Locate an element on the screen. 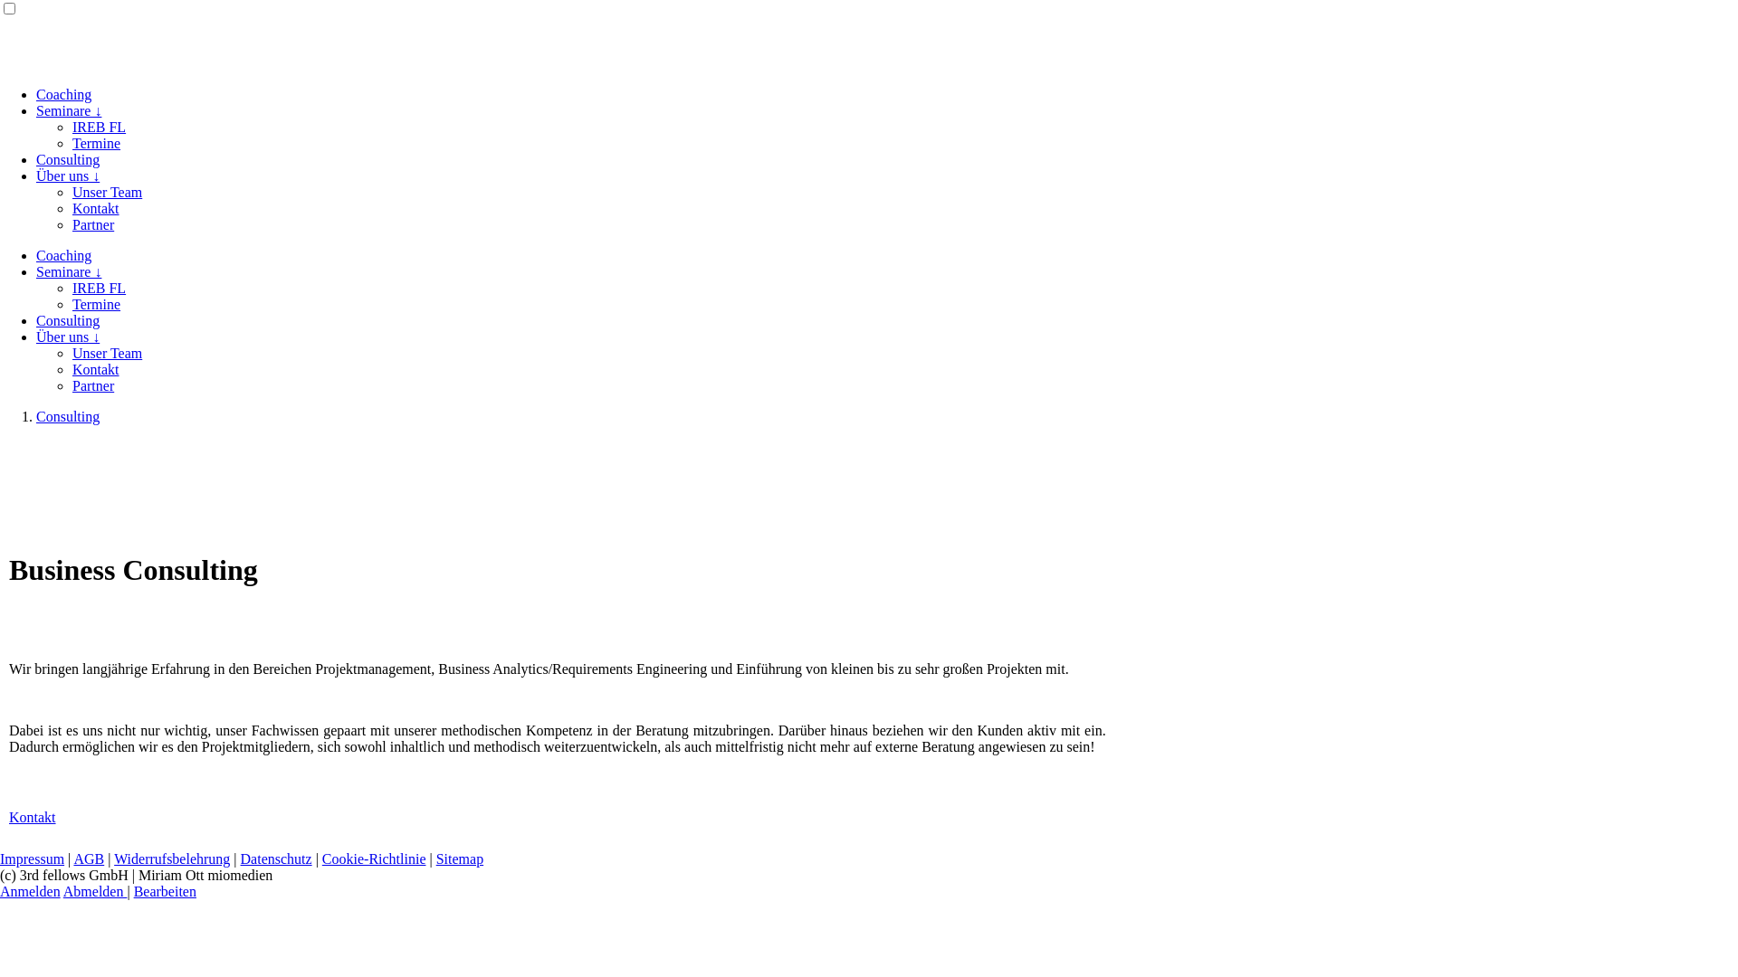 Image resolution: width=1738 pixels, height=977 pixels. 'Coaching' is located at coordinates (63, 255).